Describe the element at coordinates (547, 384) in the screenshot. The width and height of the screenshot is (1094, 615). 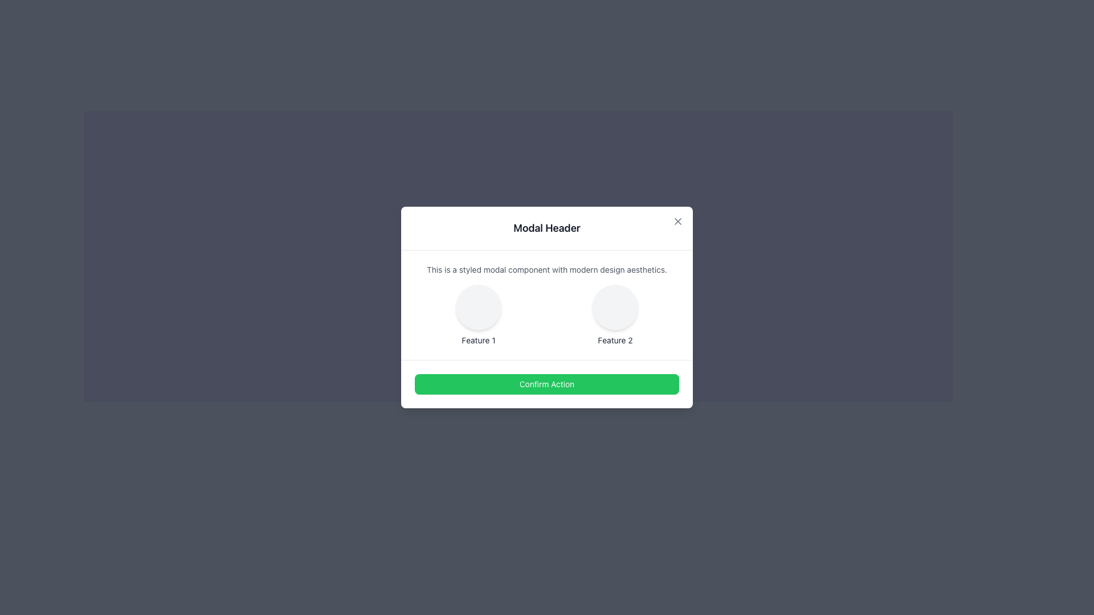
I see `the green button labeled 'Confirm Action' located at the bottom of the modal dialog to observe the hover effect` at that location.